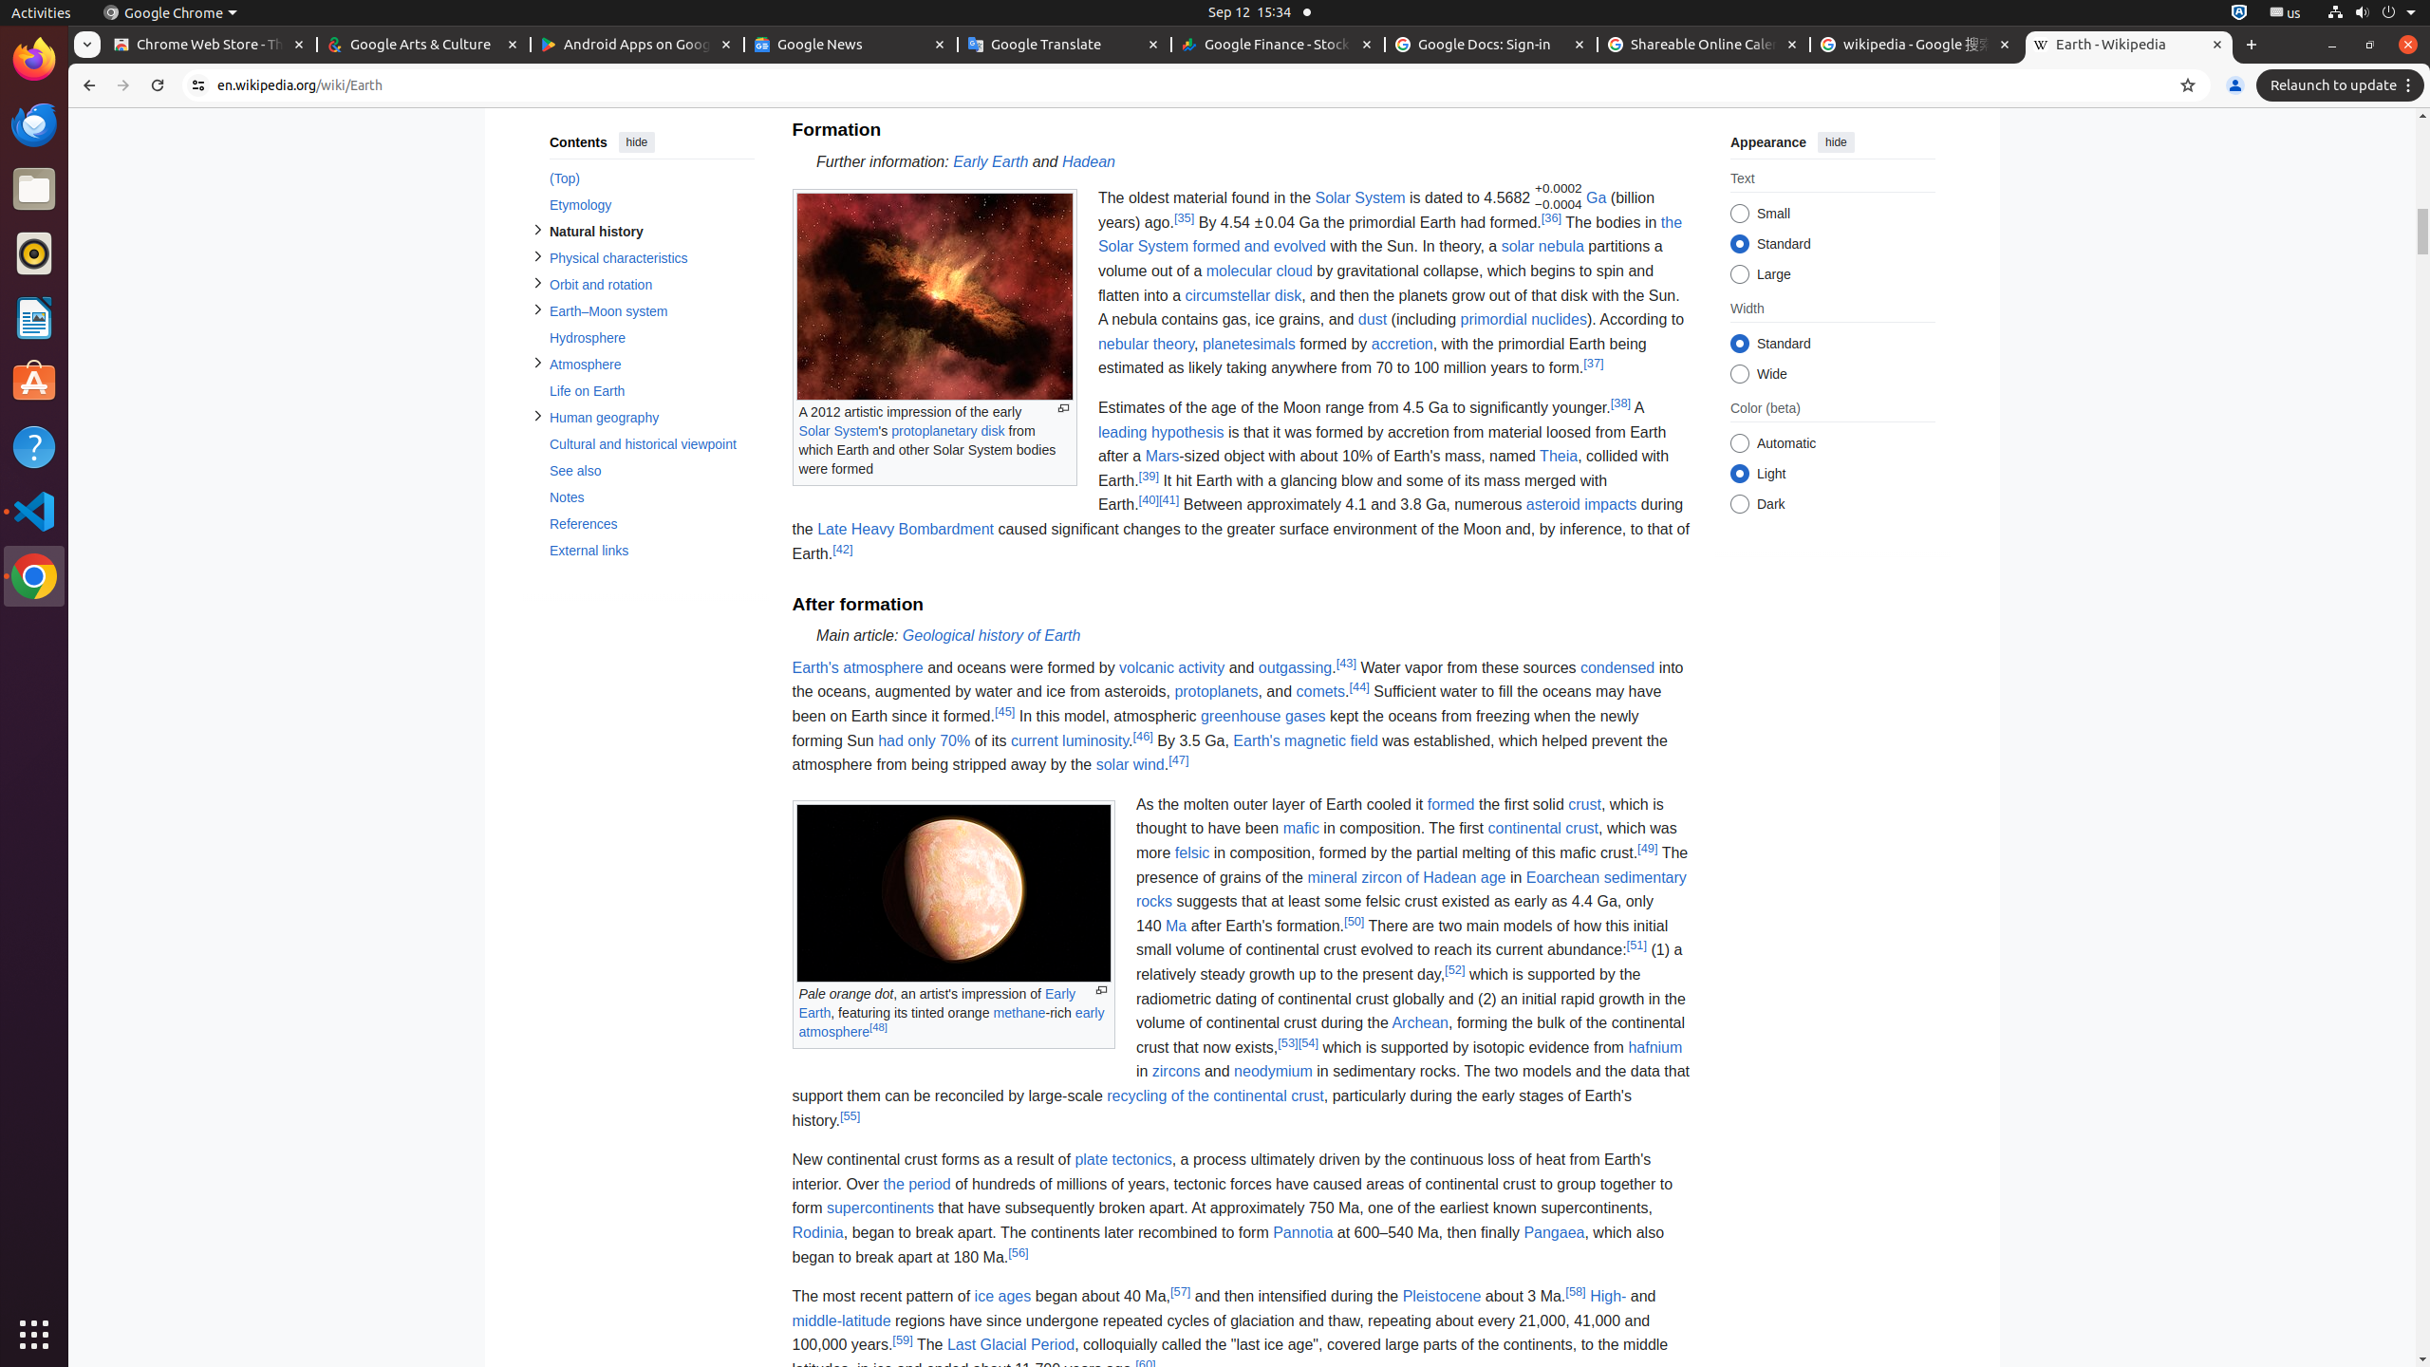  Describe the element at coordinates (1594, 363) in the screenshot. I see `'[37]'` at that location.